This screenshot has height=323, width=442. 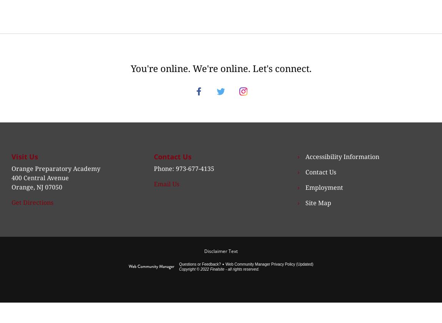 What do you see at coordinates (11, 177) in the screenshot?
I see `'Orange Preparatory Academy'` at bounding box center [11, 177].